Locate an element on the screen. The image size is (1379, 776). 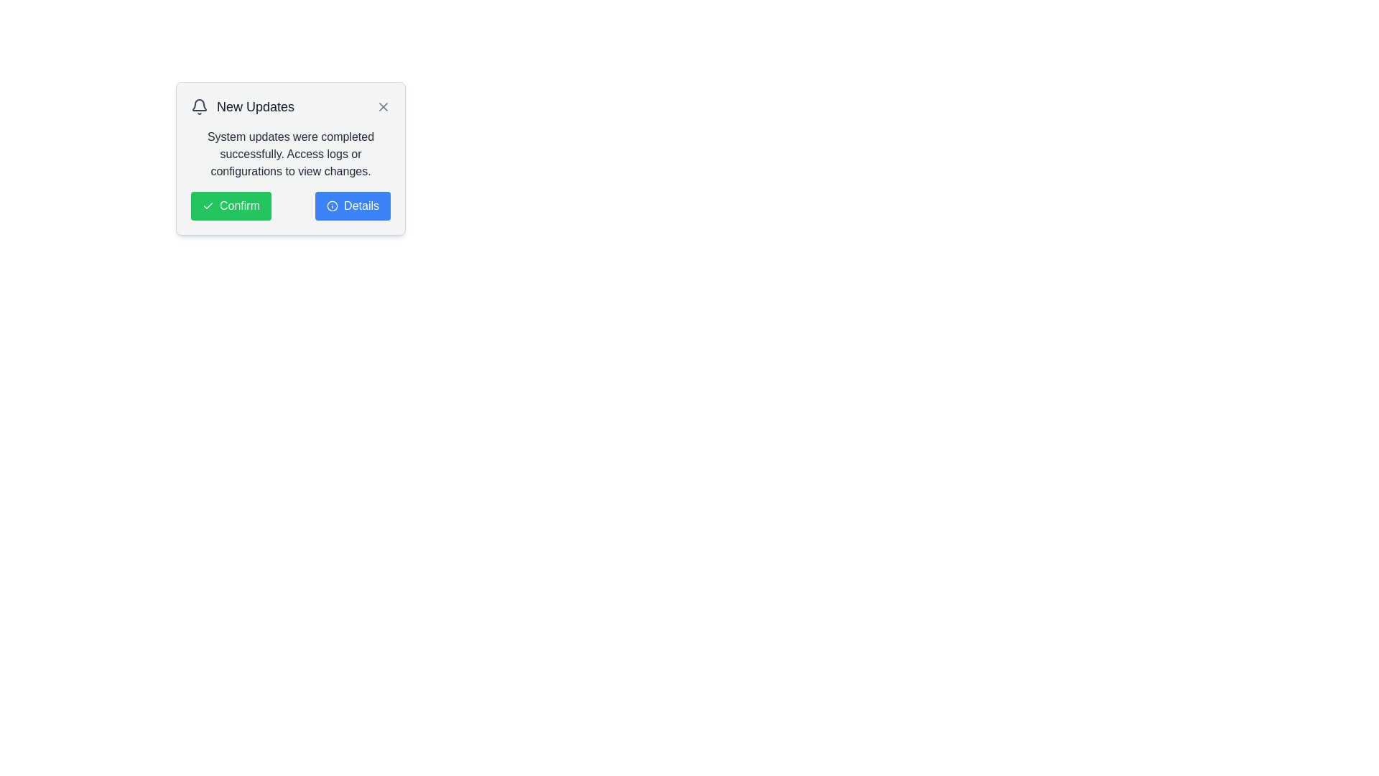
the green 'Confirm' button with white text and a check mark icon, located in the 'New Updates' notification box is located at coordinates (231, 205).